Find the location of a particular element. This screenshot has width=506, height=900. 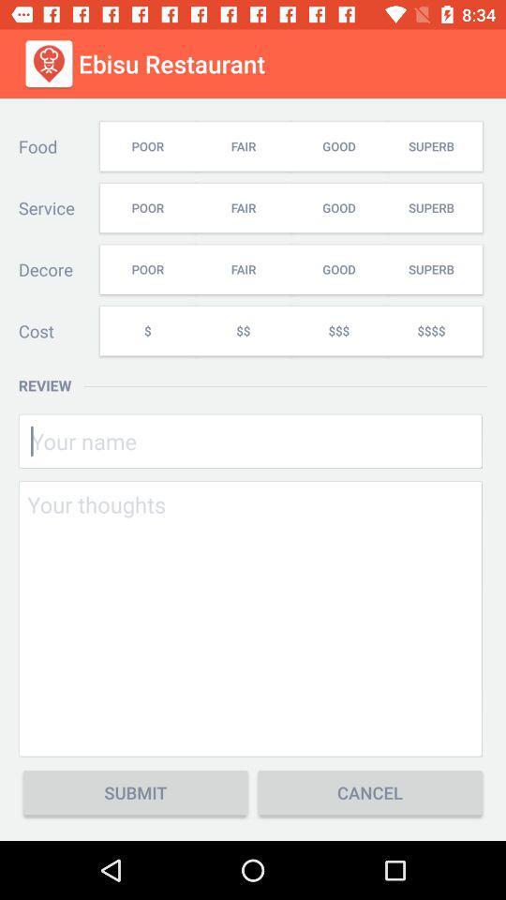

item to the right of cost icon is located at coordinates (146, 331).